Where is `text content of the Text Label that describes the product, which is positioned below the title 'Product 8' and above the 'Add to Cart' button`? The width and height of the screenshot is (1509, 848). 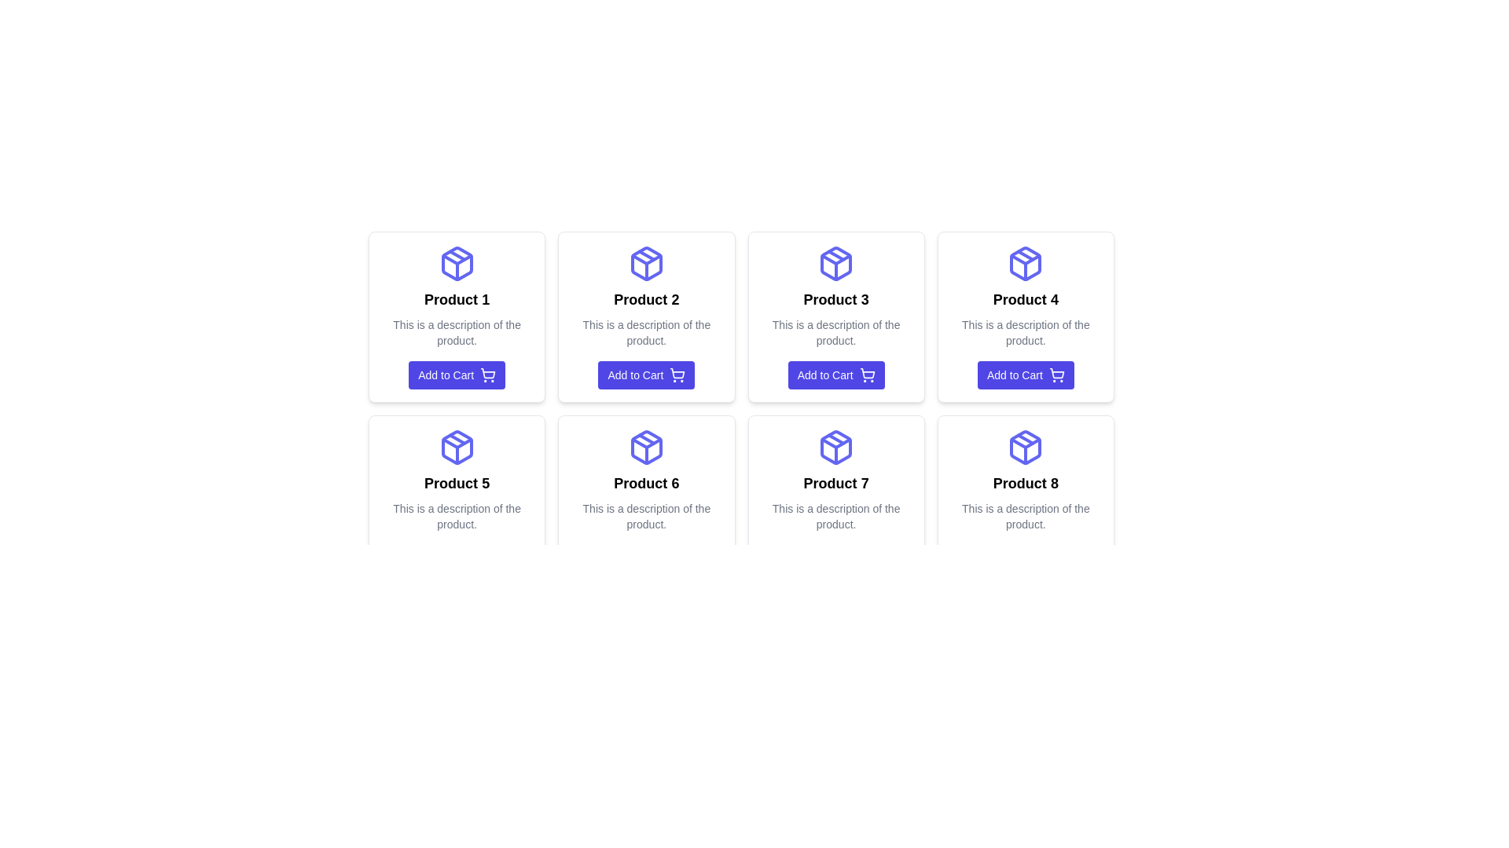 text content of the Text Label that describes the product, which is positioned below the title 'Product 8' and above the 'Add to Cart' button is located at coordinates (1026, 517).